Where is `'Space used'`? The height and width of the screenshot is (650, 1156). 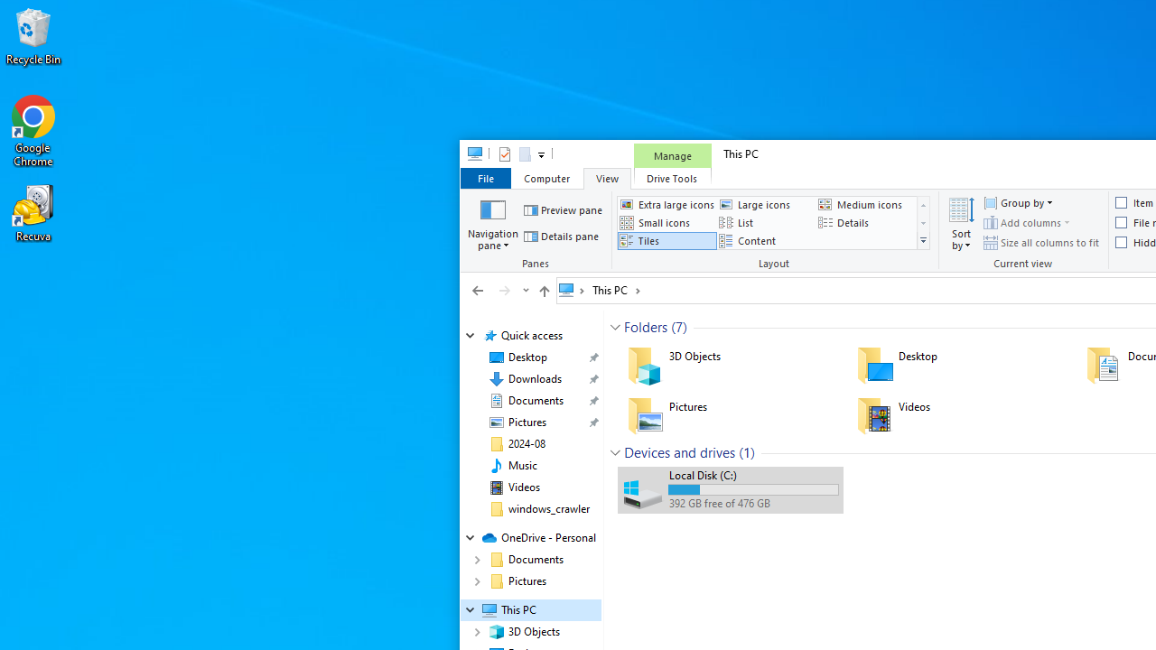 'Space used' is located at coordinates (753, 489).